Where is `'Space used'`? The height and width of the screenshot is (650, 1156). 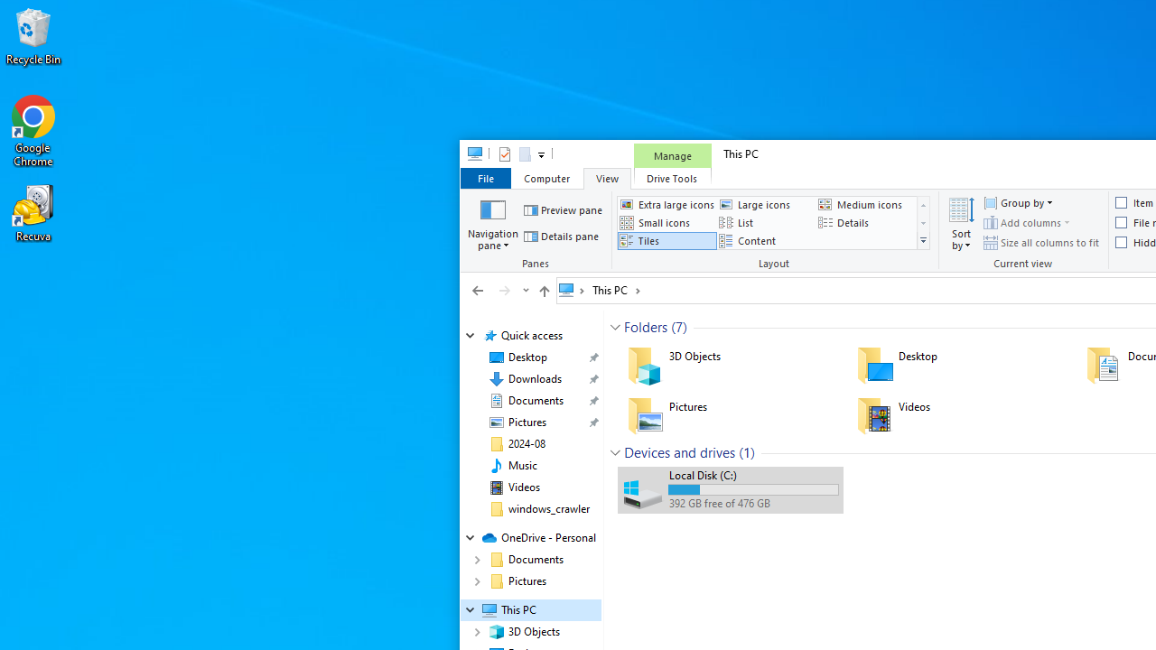 'Space used' is located at coordinates (753, 489).